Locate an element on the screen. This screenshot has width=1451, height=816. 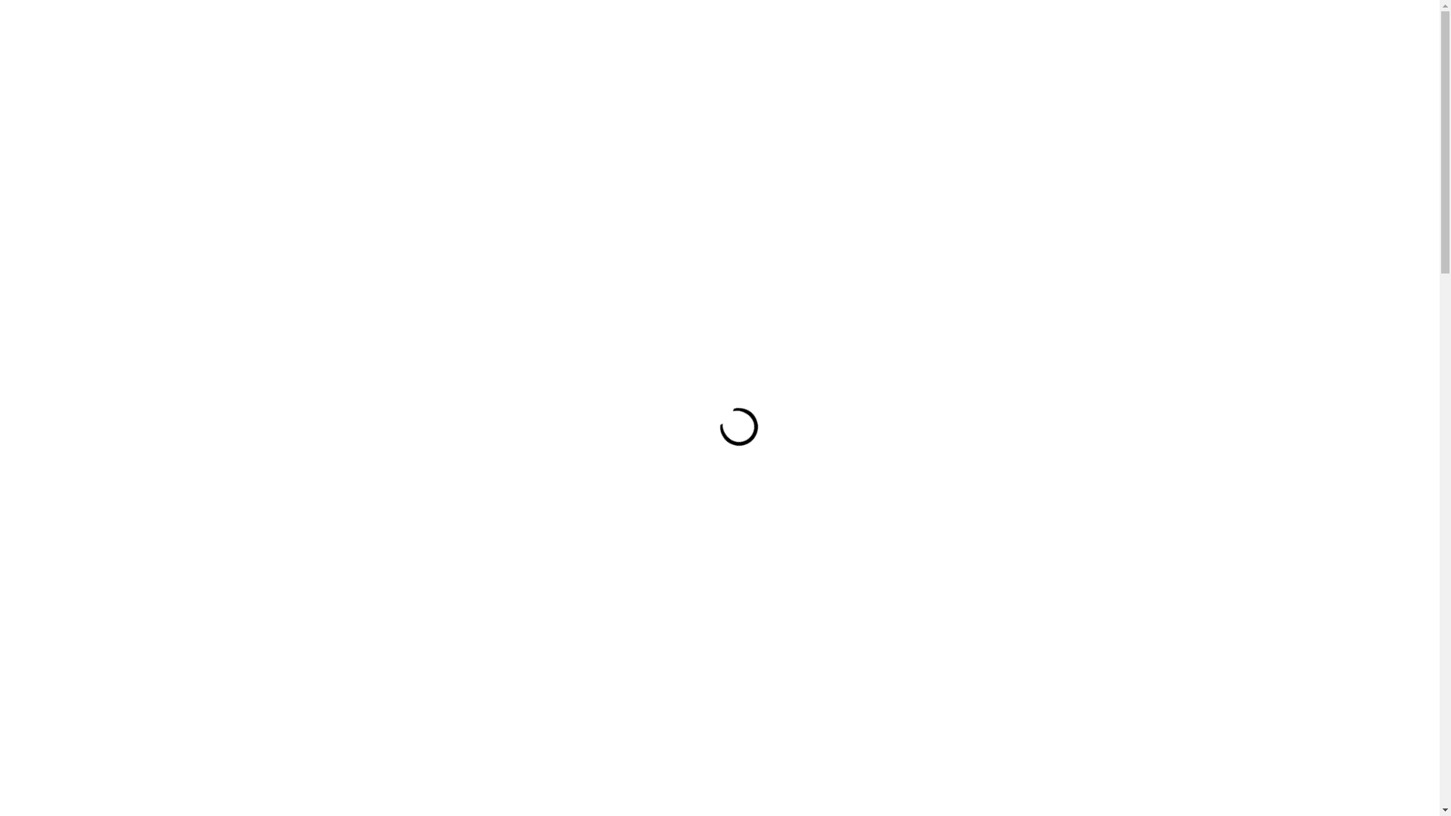
'styling' is located at coordinates (466, 110).